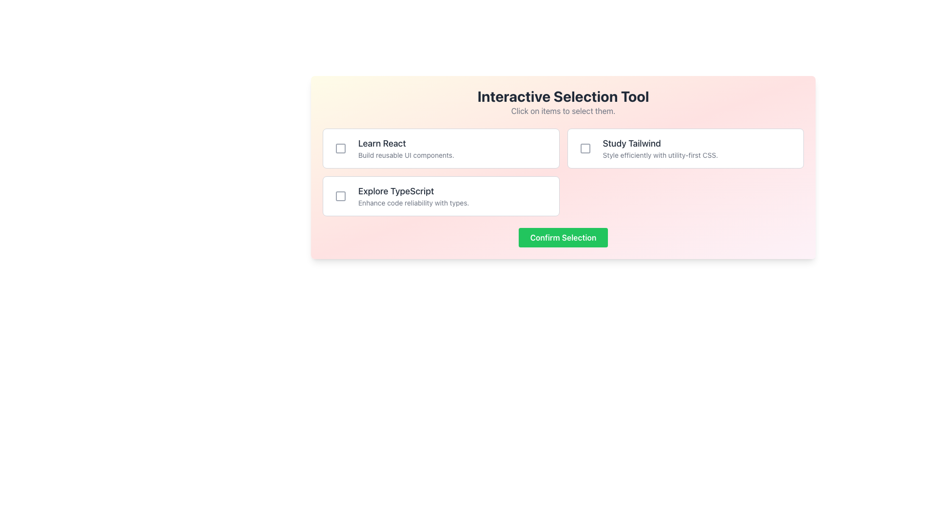  What do you see at coordinates (341, 196) in the screenshot?
I see `the Icon component within the checkbox for the 'Explore TypeScript' selection option` at bounding box center [341, 196].